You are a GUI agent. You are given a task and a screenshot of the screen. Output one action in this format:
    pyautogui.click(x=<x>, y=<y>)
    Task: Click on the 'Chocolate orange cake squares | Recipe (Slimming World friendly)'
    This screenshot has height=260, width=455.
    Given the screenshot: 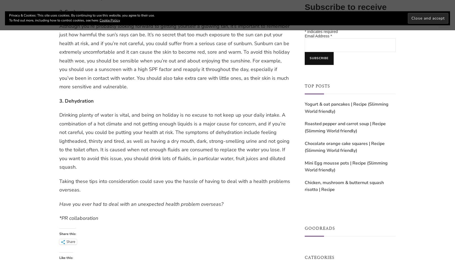 What is the action you would take?
    pyautogui.click(x=344, y=147)
    